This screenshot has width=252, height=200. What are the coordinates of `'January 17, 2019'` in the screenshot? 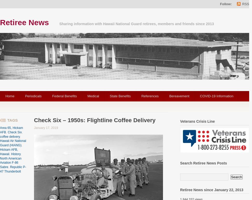 It's located at (46, 128).